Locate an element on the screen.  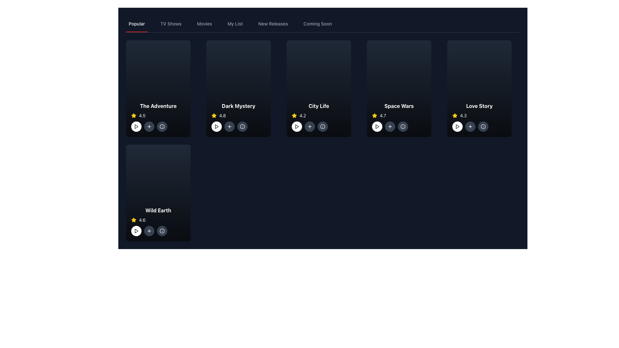
the rounded button with a dark gray background and a white plus icon, located between the play button and the info button in the lower section of the card for the movie 'The Adventure.' is located at coordinates (149, 127).